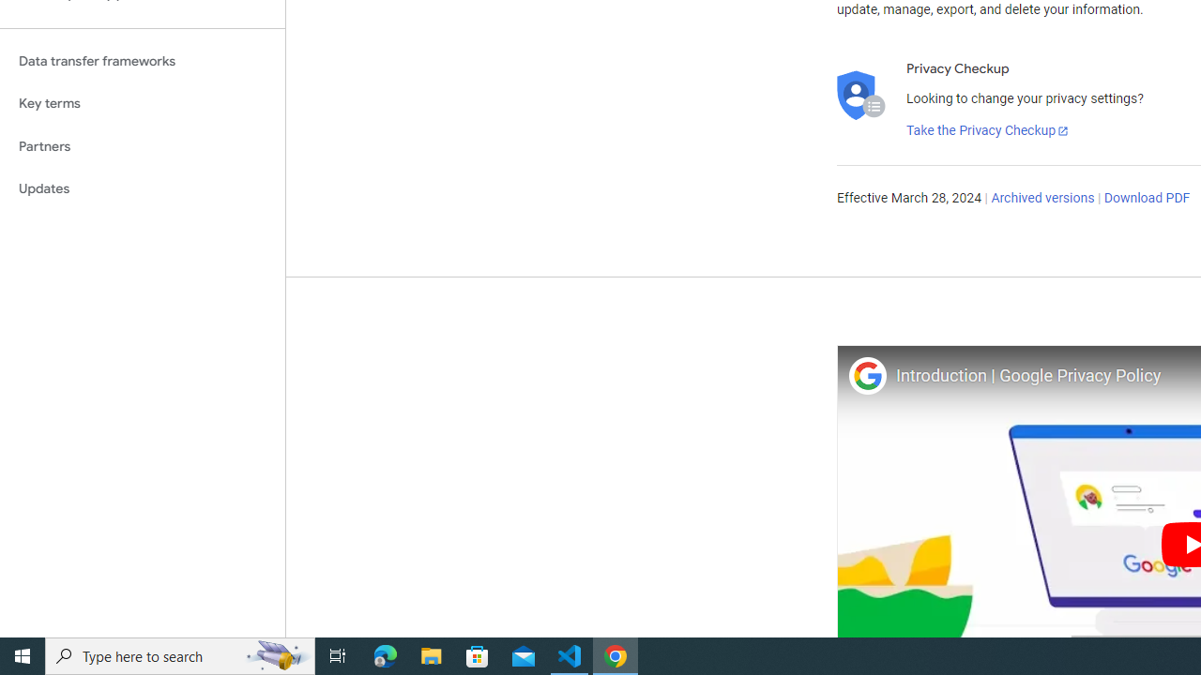 This screenshot has width=1201, height=675. I want to click on 'Archived versions', so click(1041, 199).